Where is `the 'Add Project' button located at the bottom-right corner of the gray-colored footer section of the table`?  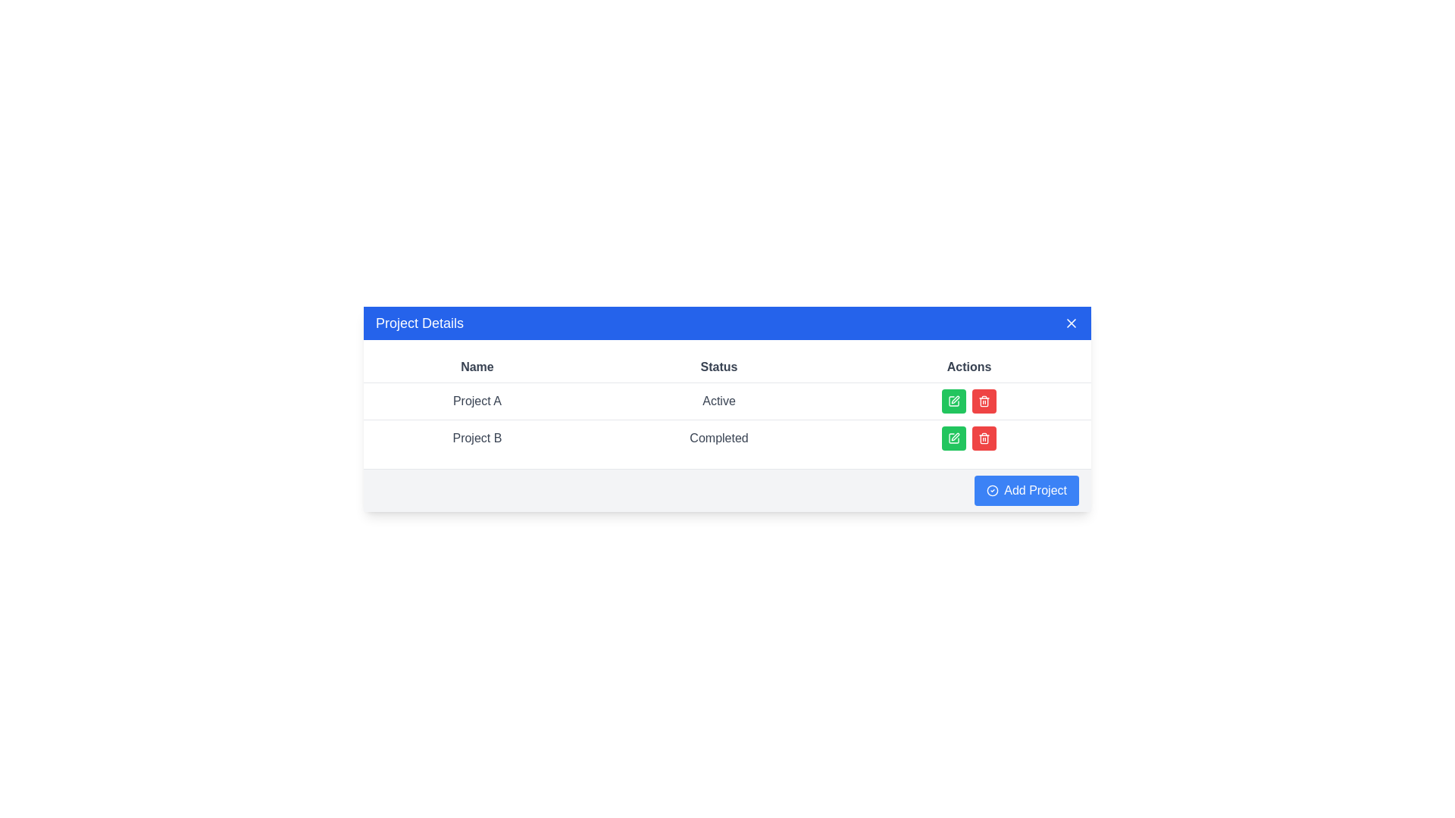 the 'Add Project' button located at the bottom-right corner of the gray-colored footer section of the table is located at coordinates (1026, 490).